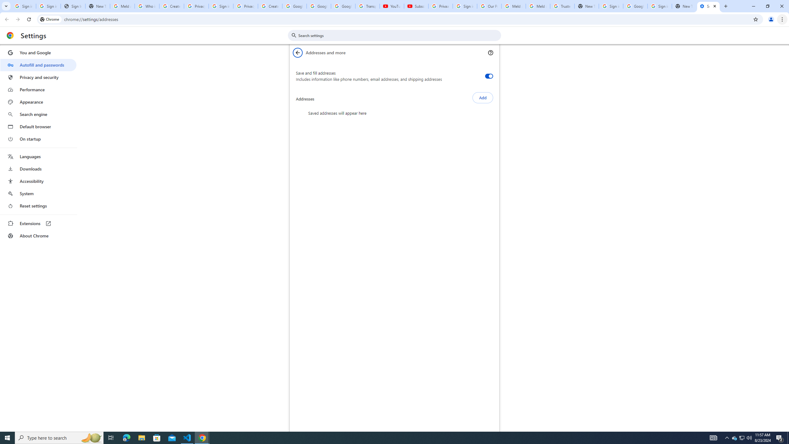 This screenshot has height=444, width=789. What do you see at coordinates (147, 6) in the screenshot?
I see `'Who is my administrator? - Google Account Help'` at bounding box center [147, 6].